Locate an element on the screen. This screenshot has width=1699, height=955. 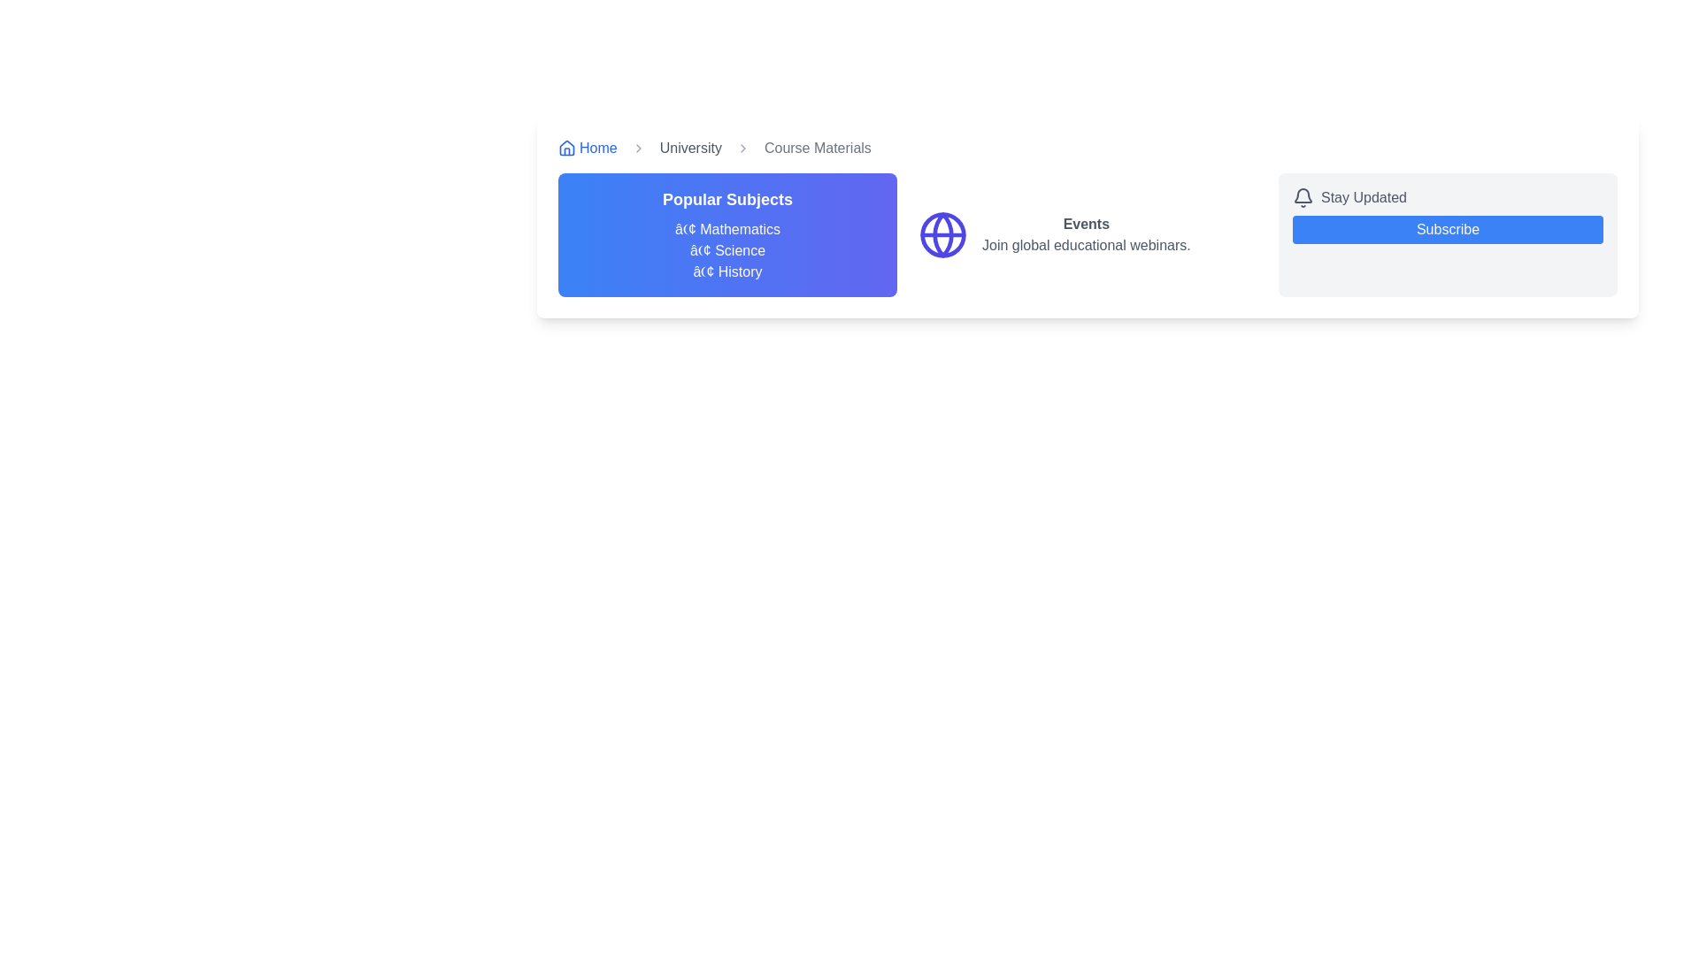
the 'University' text link in the breadcrumb navigation bar is located at coordinates (689, 148).